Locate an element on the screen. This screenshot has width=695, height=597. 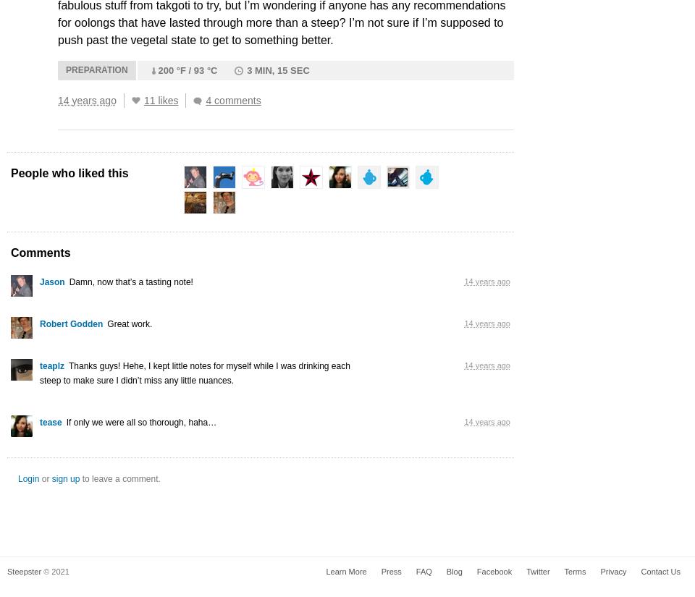
'200 °F / 93 °C' is located at coordinates (187, 70).